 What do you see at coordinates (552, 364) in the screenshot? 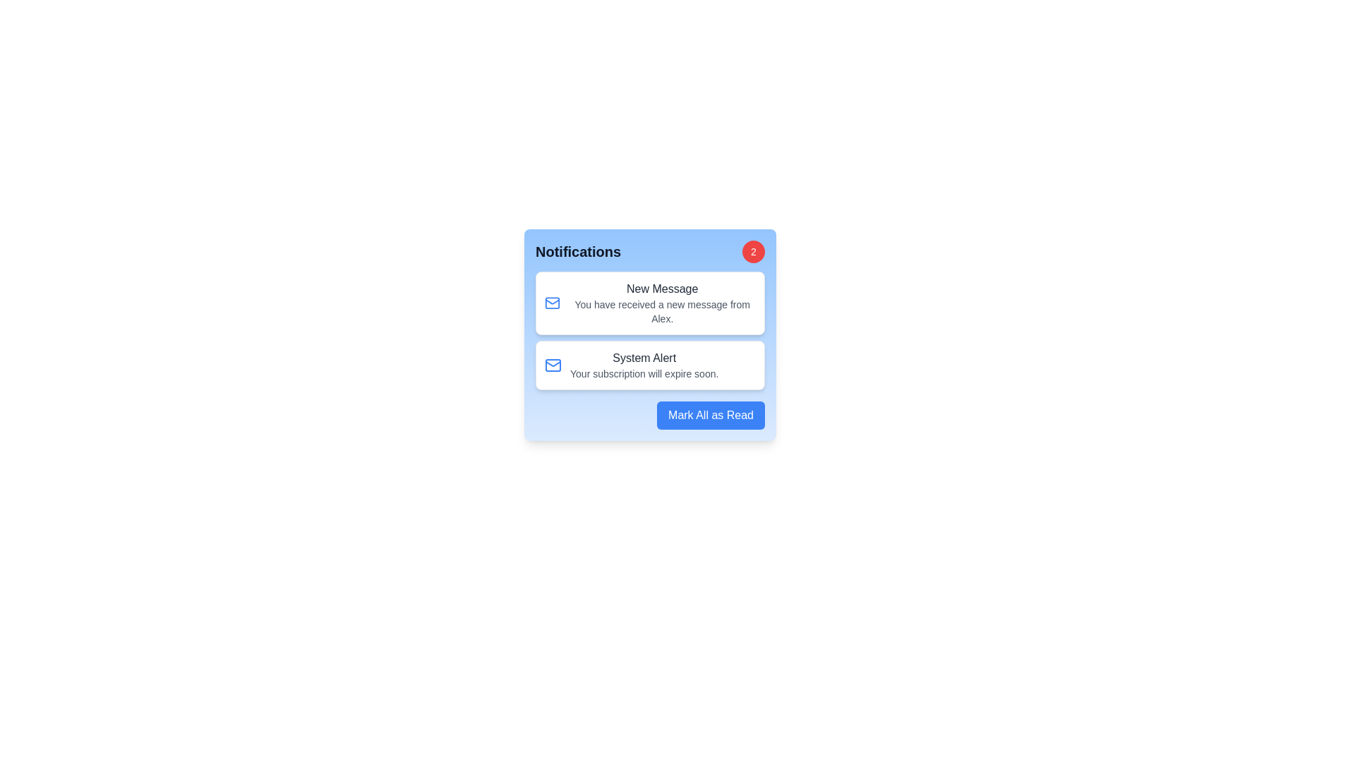
I see `the envelope icon representing the outer shell of a mail or message in the Notifications panel, located to the left of the 'New Message' text` at bounding box center [552, 364].